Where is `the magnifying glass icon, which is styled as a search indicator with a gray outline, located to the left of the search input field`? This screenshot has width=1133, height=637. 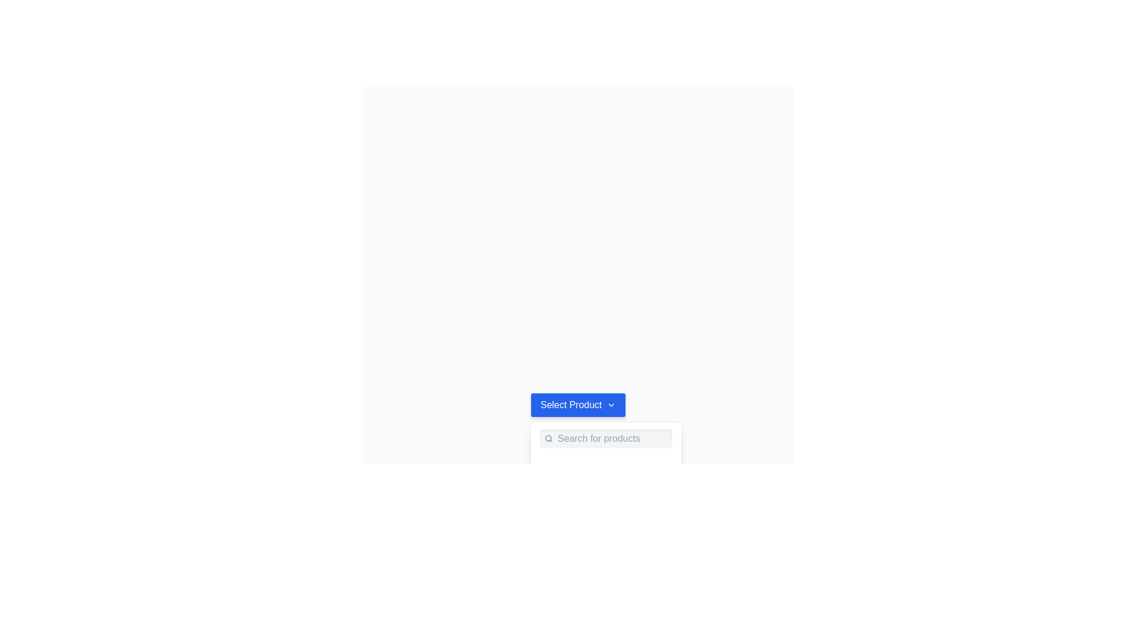 the magnifying glass icon, which is styled as a search indicator with a gray outline, located to the left of the search input field is located at coordinates (548, 439).